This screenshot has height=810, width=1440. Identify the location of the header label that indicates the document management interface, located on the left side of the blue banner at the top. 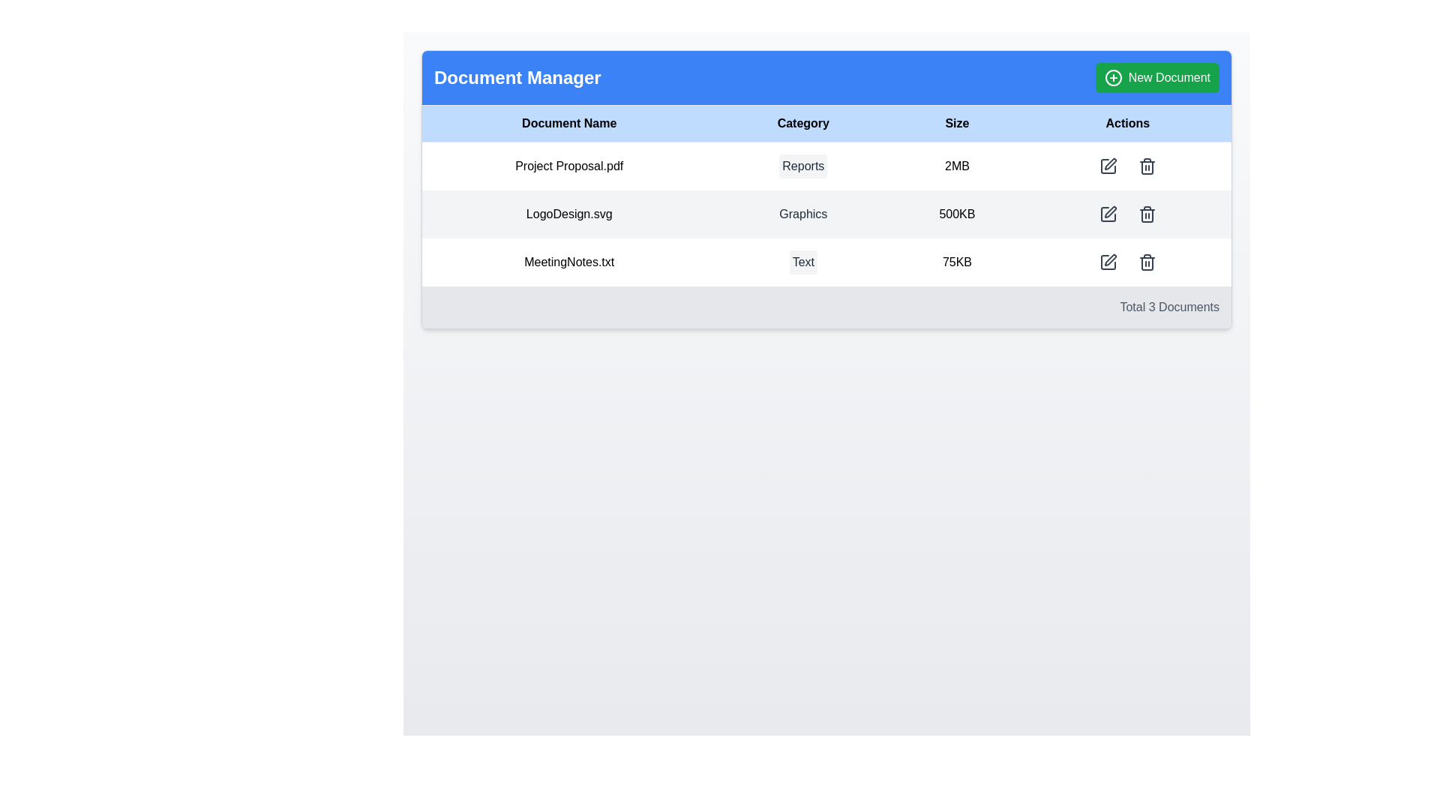
(517, 78).